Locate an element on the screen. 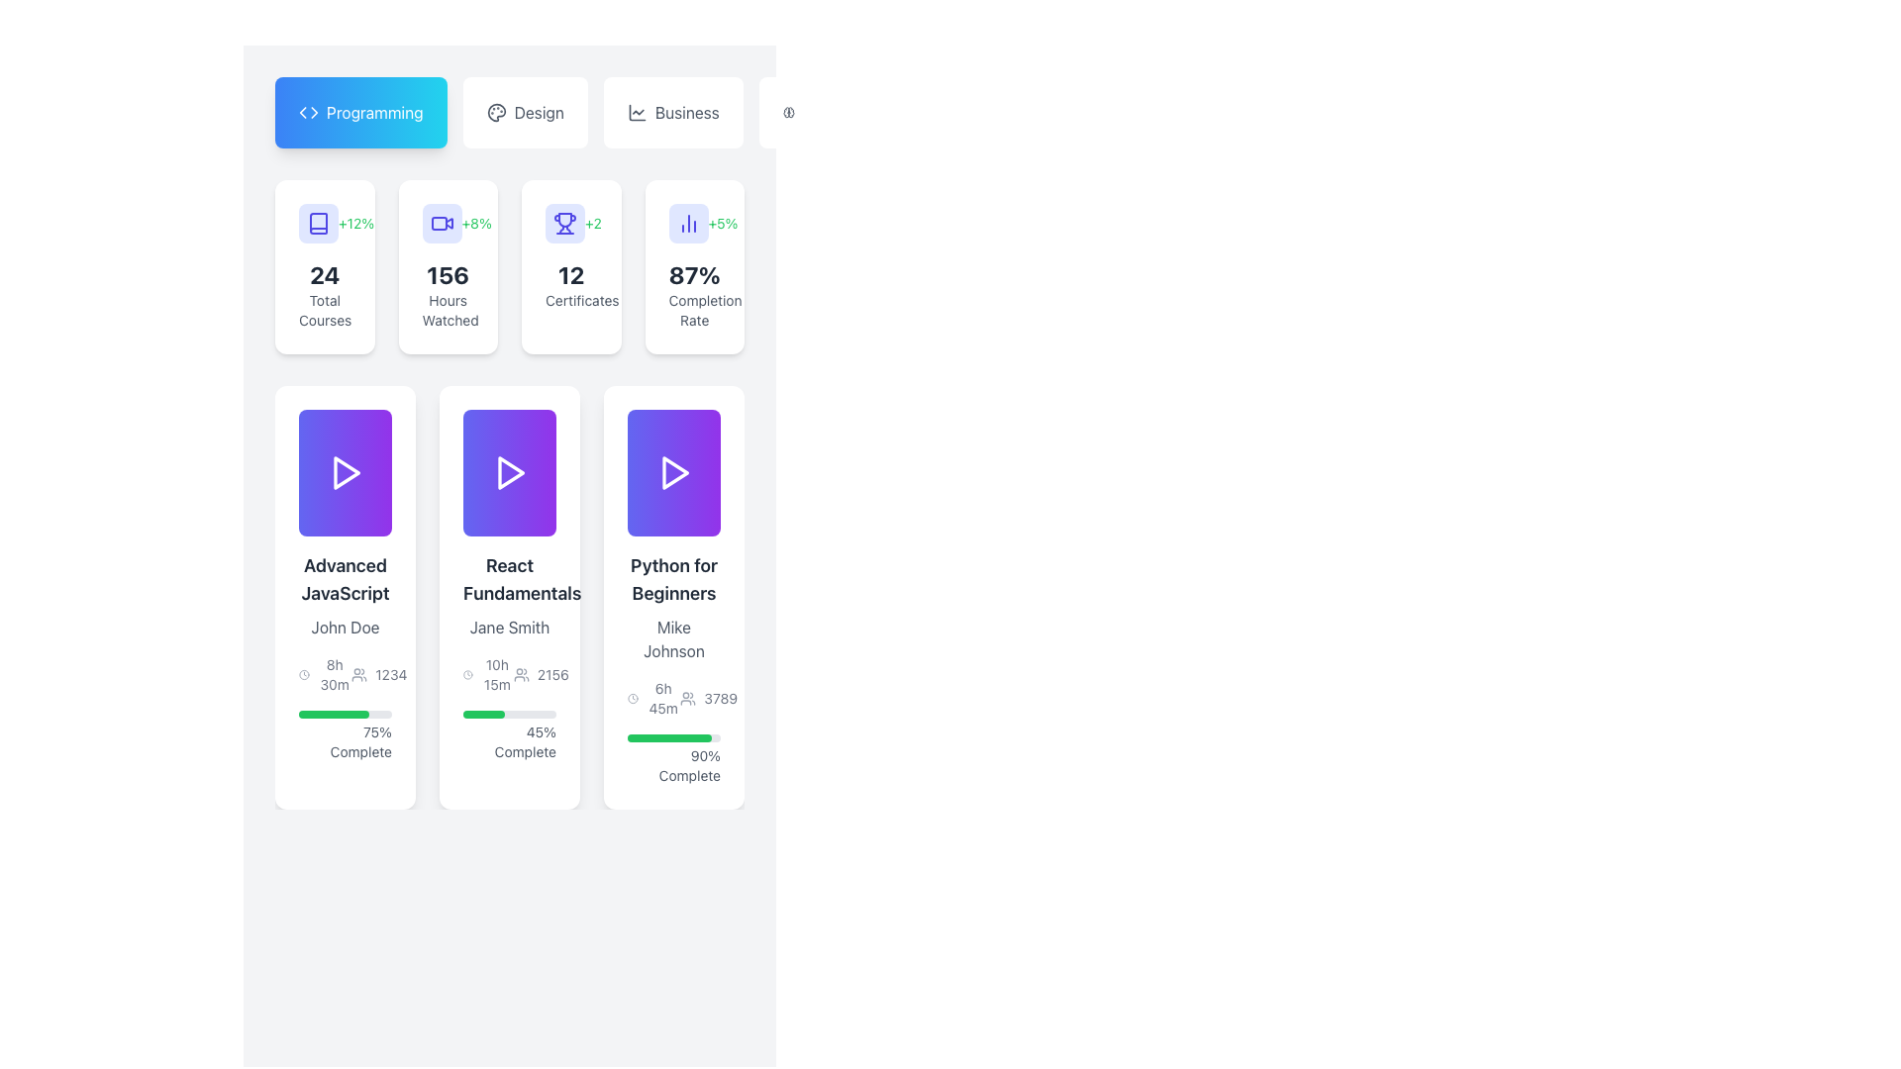 The height and width of the screenshot is (1069, 1901). the Progress Bar in the 'Advanced JavaScript' course card, which visually displays the completion percentage above the '75% Complete' text is located at coordinates (346, 714).